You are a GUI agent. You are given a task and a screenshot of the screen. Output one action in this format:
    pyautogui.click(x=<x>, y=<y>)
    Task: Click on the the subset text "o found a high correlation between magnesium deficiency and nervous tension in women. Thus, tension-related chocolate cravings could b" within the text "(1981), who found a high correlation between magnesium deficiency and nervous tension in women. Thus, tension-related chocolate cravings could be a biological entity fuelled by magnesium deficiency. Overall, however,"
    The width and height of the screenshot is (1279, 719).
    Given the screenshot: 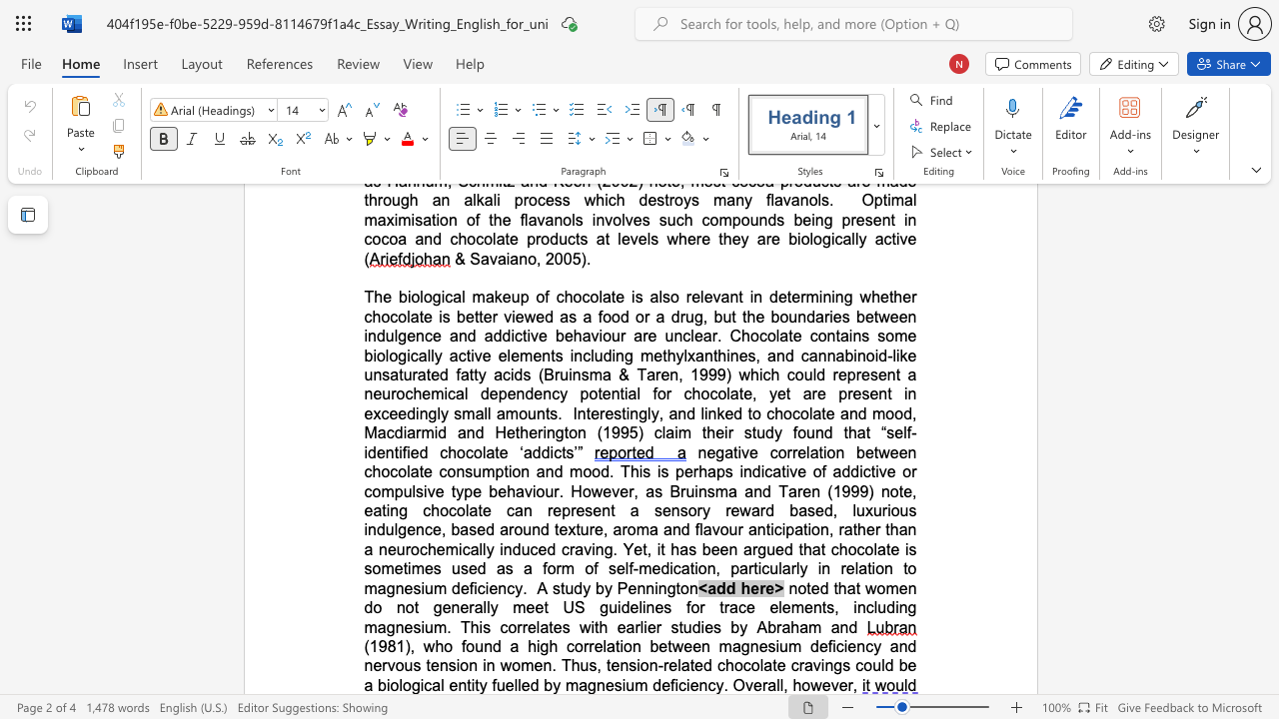 What is the action you would take?
    pyautogui.click(x=443, y=646)
    